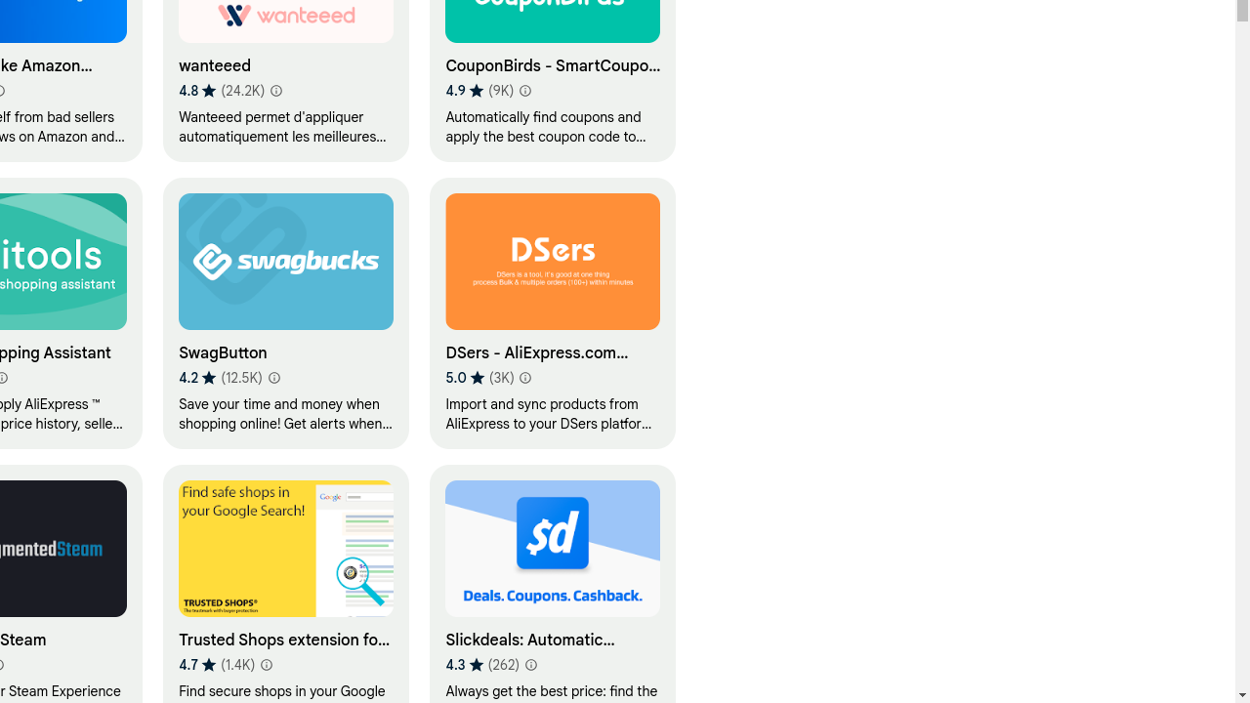  What do you see at coordinates (530, 663) in the screenshot?
I see `'Learn more about results and reviews "Slickdeals: Automatic Coupons and Deals"'` at bounding box center [530, 663].